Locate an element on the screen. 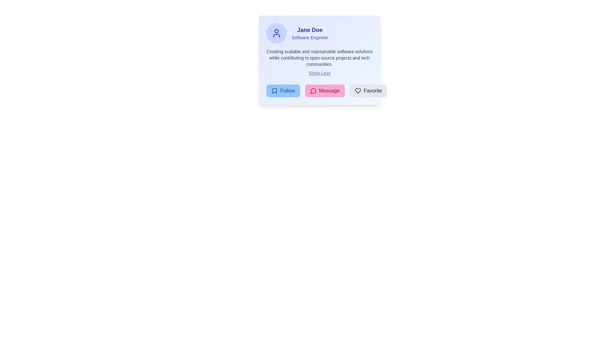 Image resolution: width=609 pixels, height=342 pixels. the user profile icon located in the upper-left region of the card component to associate this element with the profile is located at coordinates (276, 33).